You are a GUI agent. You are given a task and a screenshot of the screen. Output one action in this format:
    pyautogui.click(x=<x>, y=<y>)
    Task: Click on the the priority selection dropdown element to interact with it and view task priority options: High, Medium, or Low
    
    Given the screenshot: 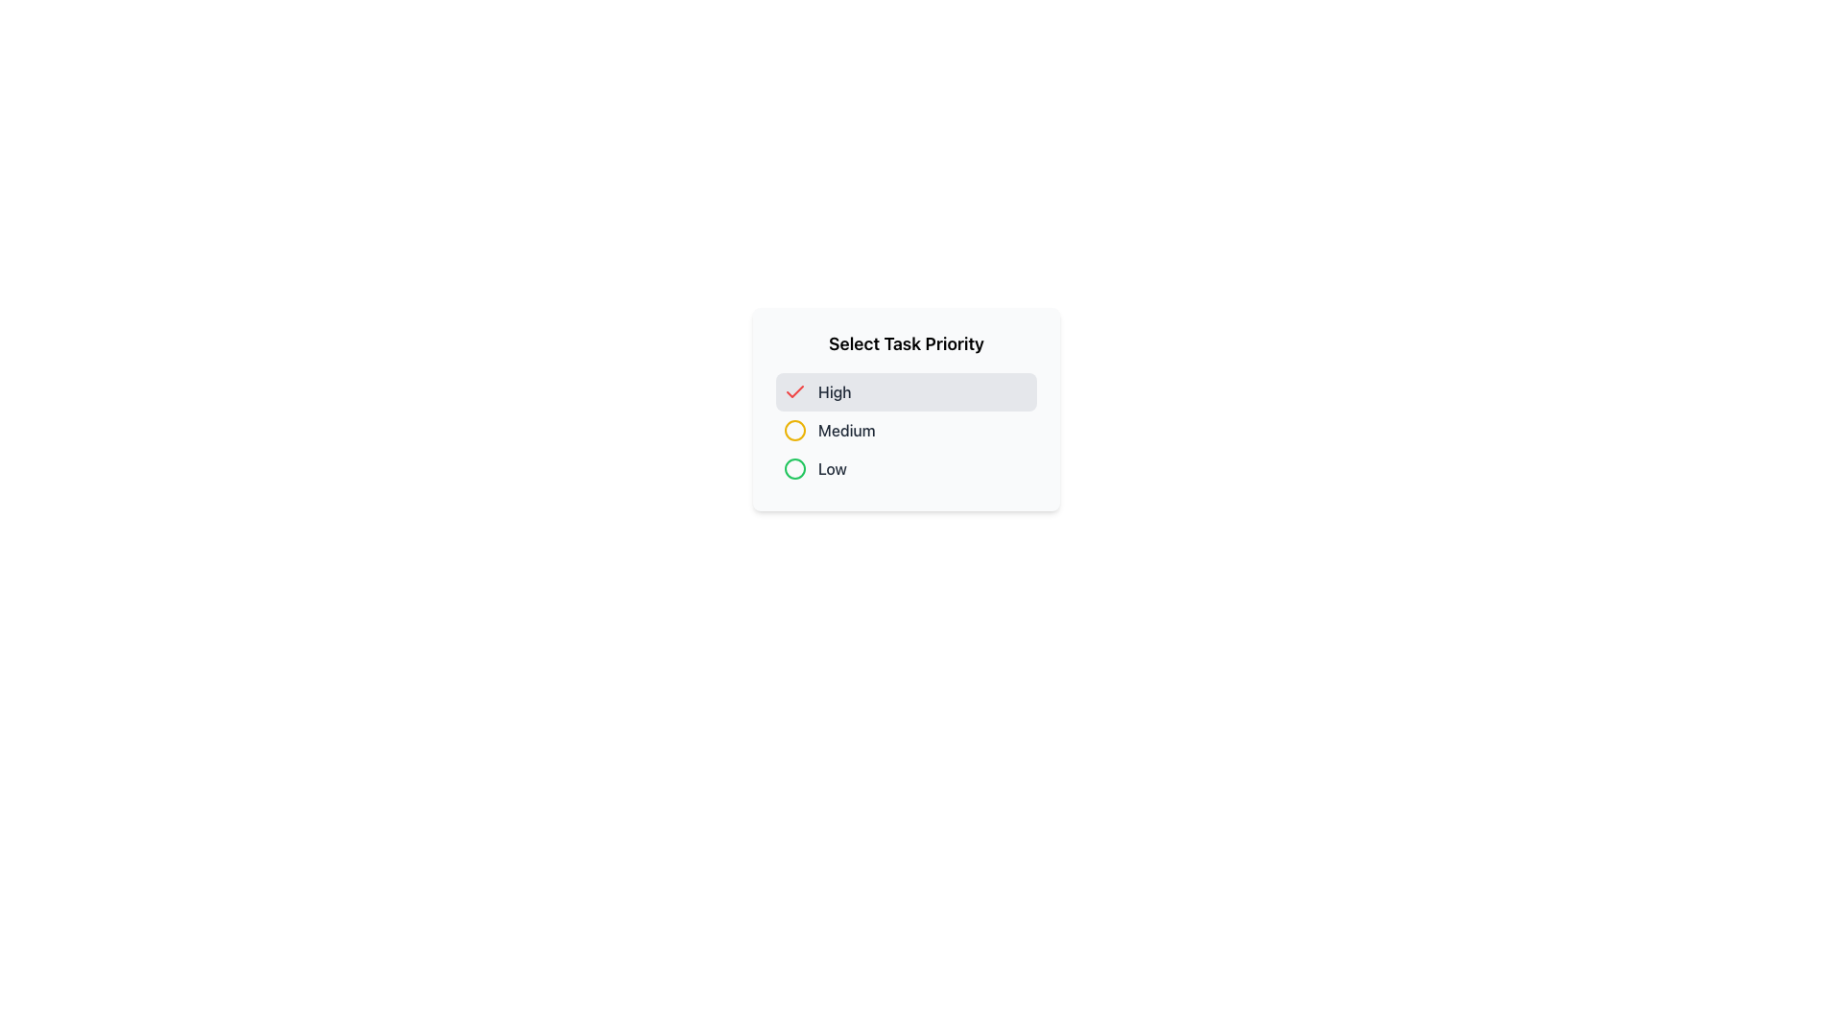 What is the action you would take?
    pyautogui.click(x=906, y=409)
    